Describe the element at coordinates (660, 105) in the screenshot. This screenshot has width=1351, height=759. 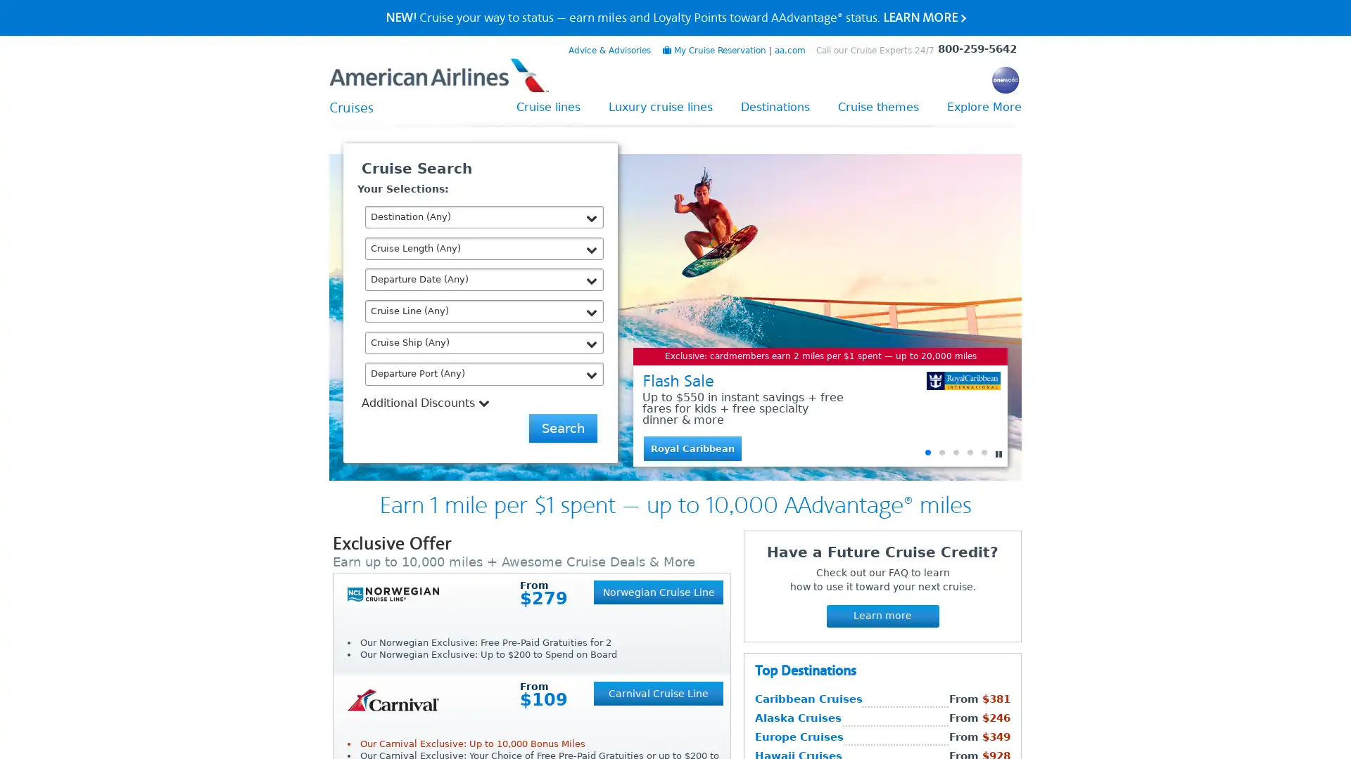
I see `Luxury cruise lines` at that location.